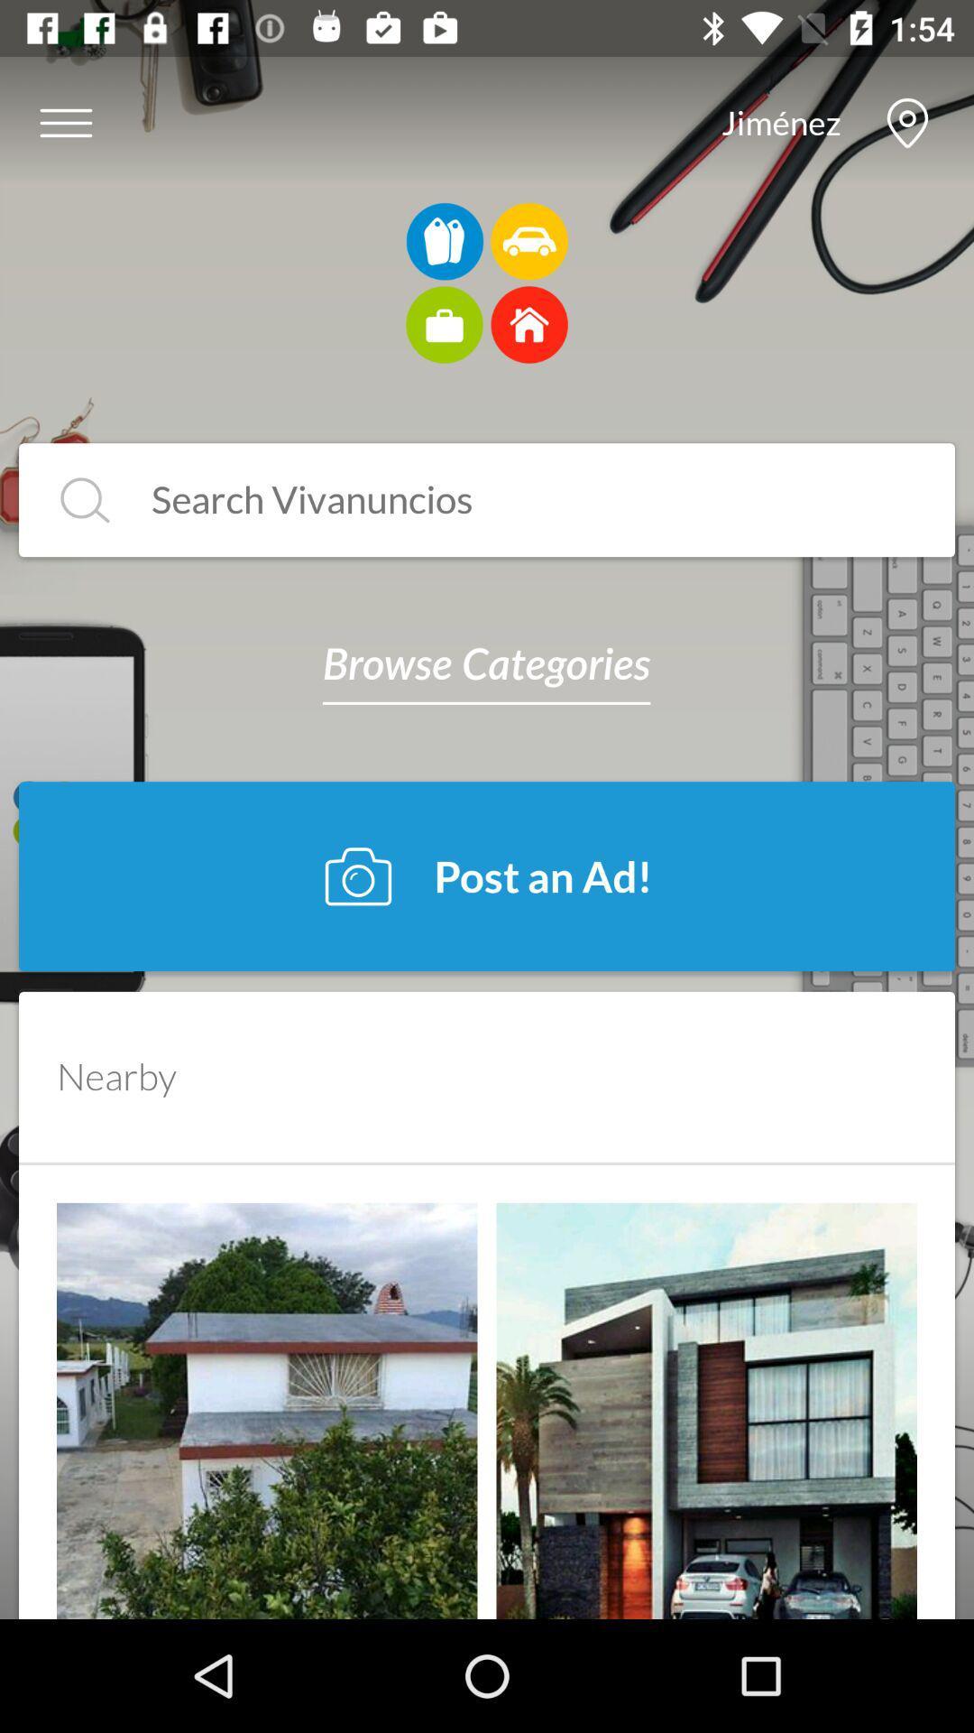 The height and width of the screenshot is (1733, 974). I want to click on search button, so click(85, 500).